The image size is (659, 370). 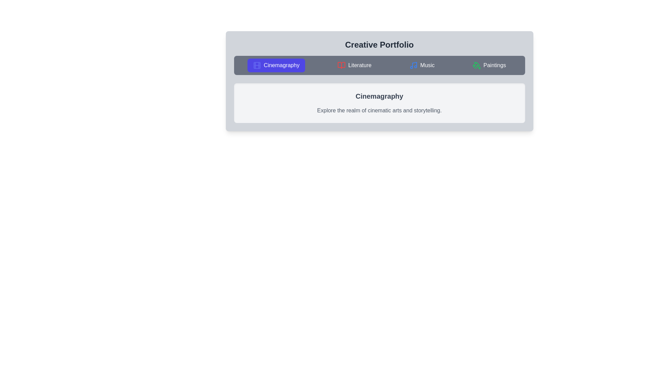 What do you see at coordinates (276, 65) in the screenshot?
I see `the tab labeled Cinemagraphy to activate it` at bounding box center [276, 65].